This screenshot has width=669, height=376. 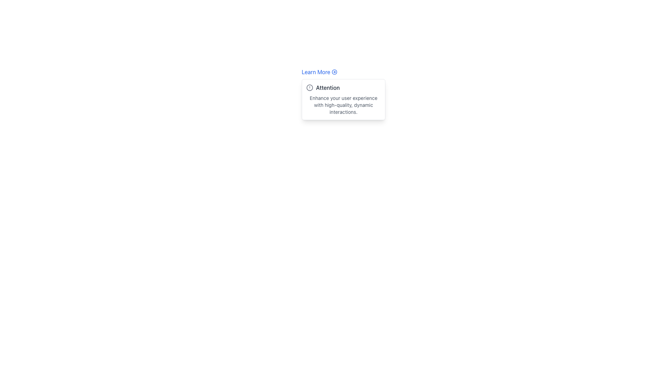 I want to click on the outer circular part of the SVG icon that symbolizes an alert or attention indicator, located above the 'Attention' text label, so click(x=309, y=87).